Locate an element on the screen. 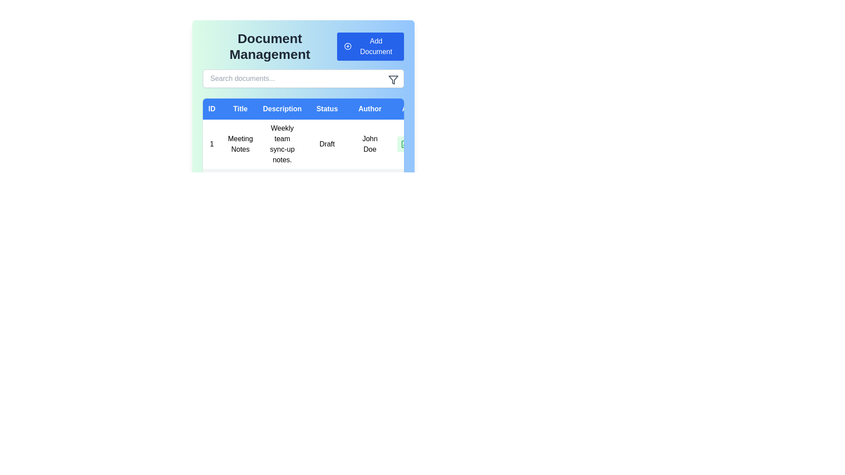 The height and width of the screenshot is (475, 845). the filter or search refinement icon located in the top-right corner of the search box area is located at coordinates (393, 80).